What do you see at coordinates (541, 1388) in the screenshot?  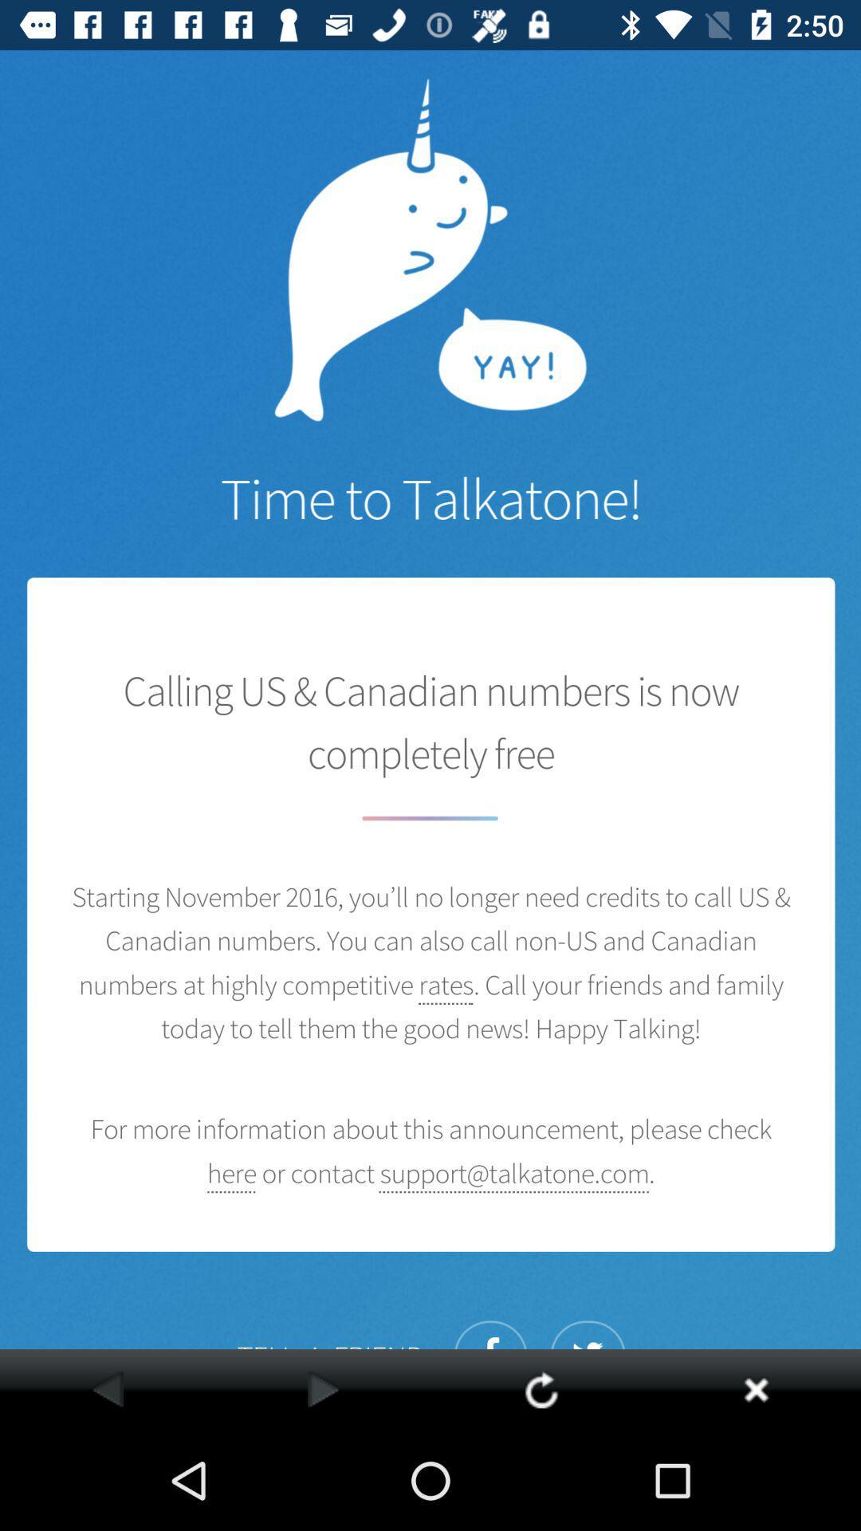 I see `refresh` at bounding box center [541, 1388].